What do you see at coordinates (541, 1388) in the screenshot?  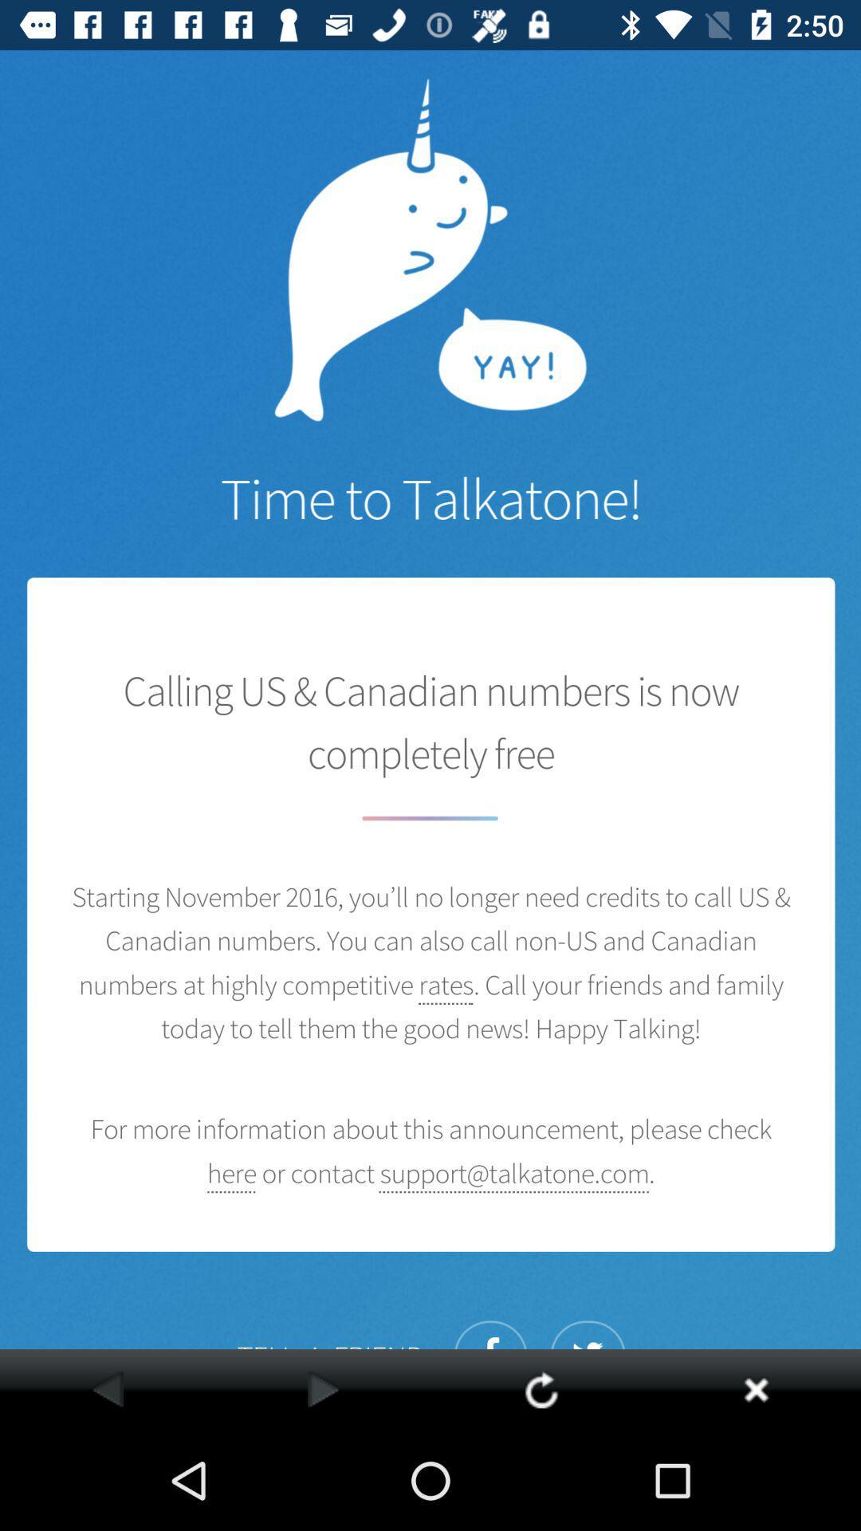 I see `refresh` at bounding box center [541, 1388].